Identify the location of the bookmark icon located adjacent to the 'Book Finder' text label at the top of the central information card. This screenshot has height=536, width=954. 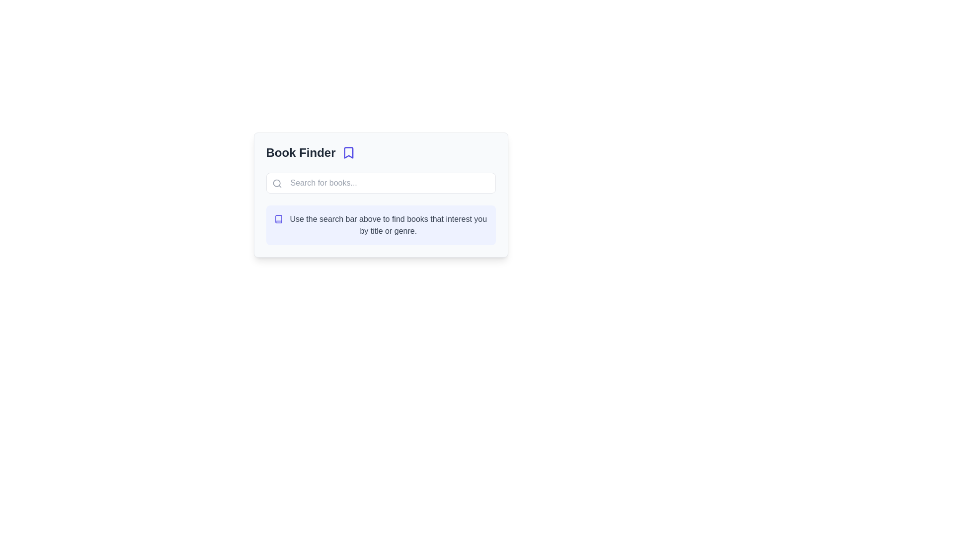
(348, 153).